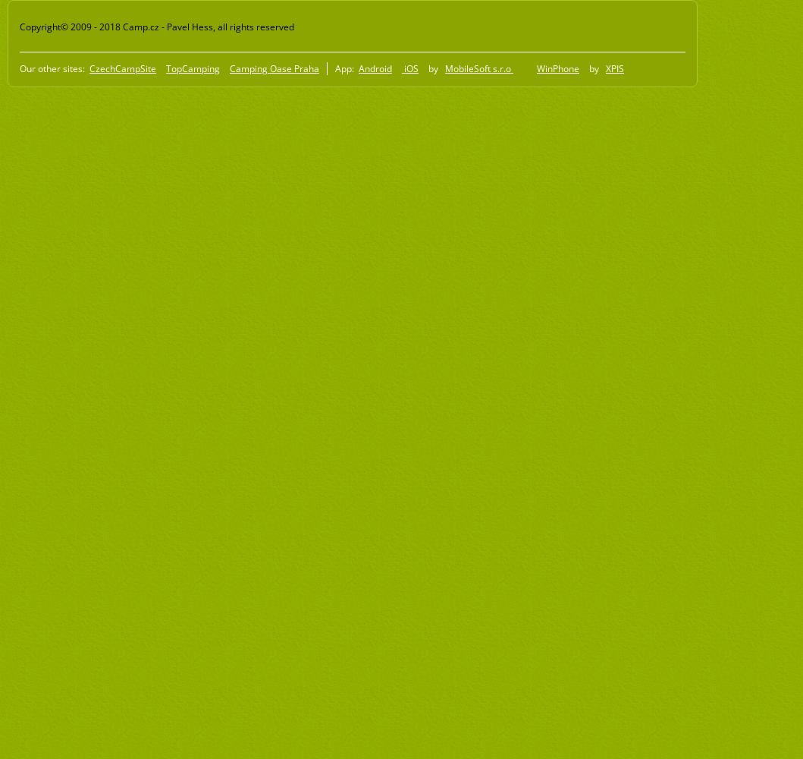 This screenshot has height=759, width=803. I want to click on 'Copyright© 2009 - 2018 Camp.cz - Pavel Hess, all rights reserved', so click(156, 26).